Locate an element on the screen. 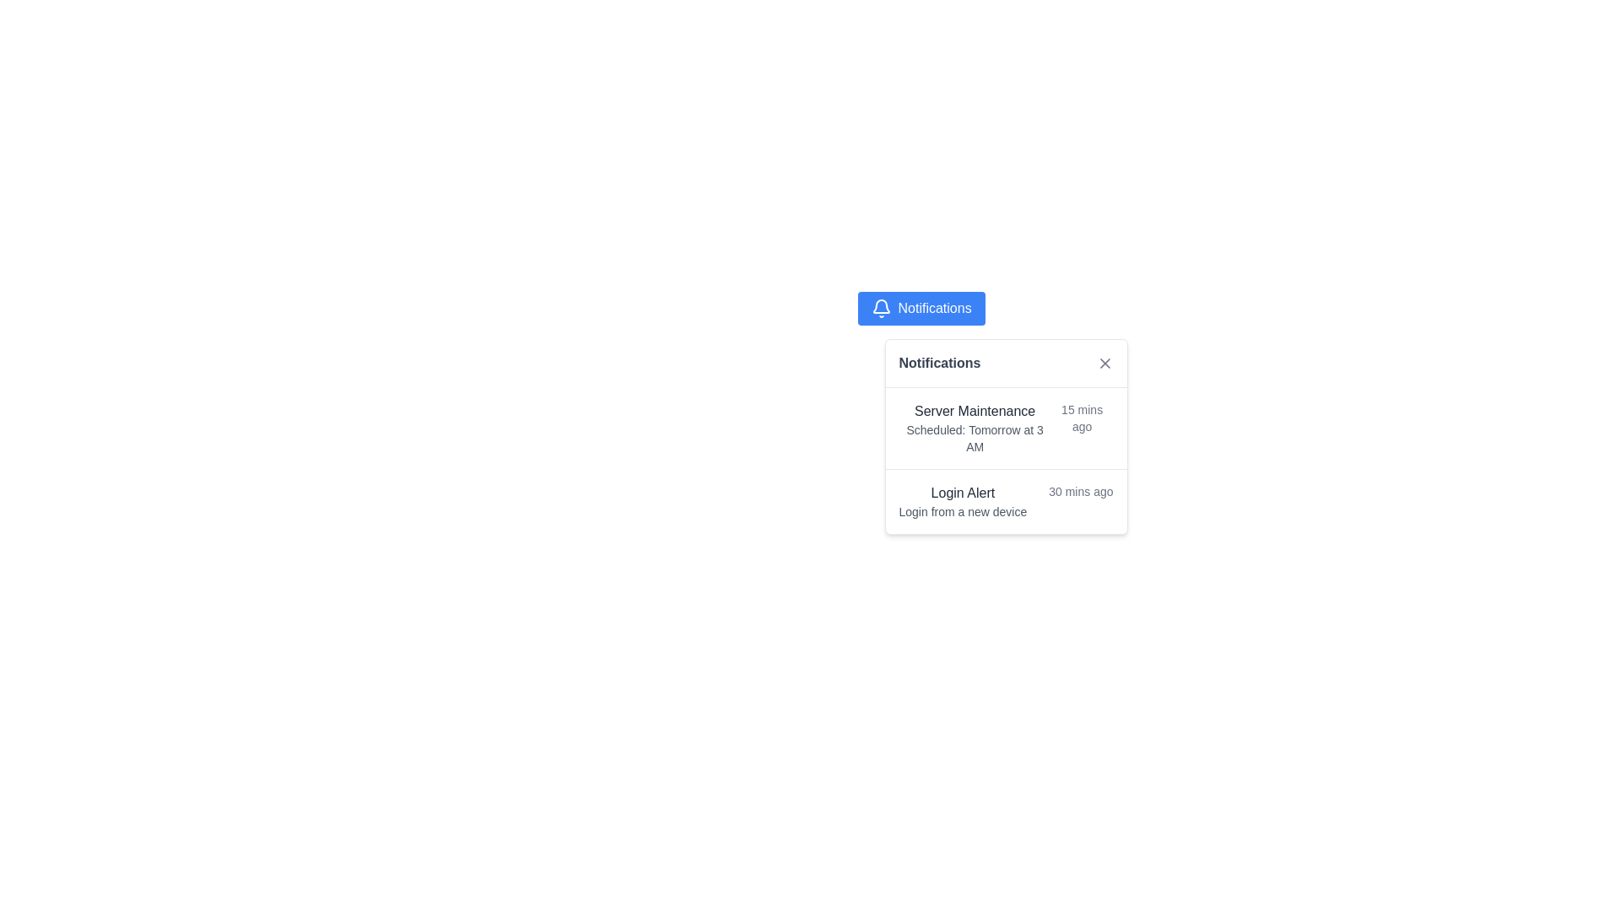 This screenshot has width=1620, height=911. the small interactive close button icon in the notification header is located at coordinates (1104, 363).